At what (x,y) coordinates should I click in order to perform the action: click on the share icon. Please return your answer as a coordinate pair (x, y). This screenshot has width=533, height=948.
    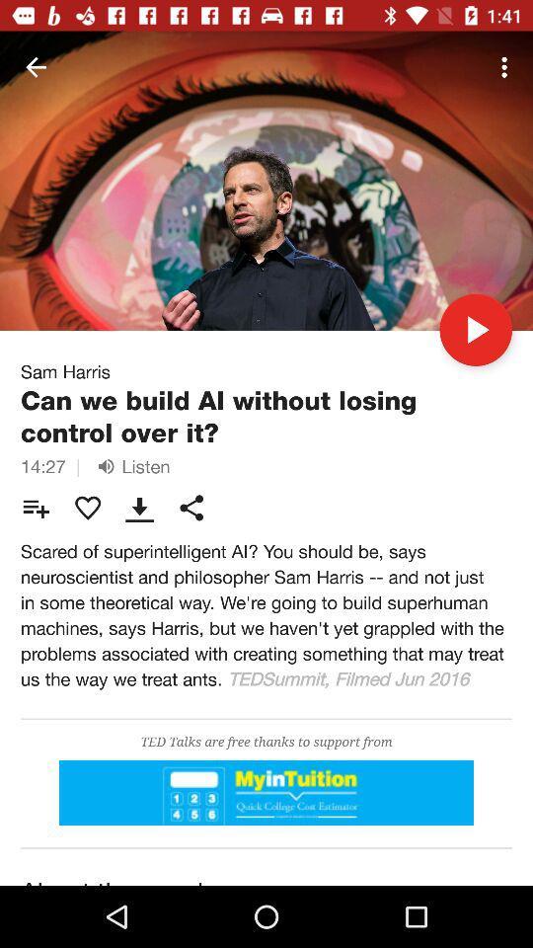
    Looking at the image, I should click on (191, 507).